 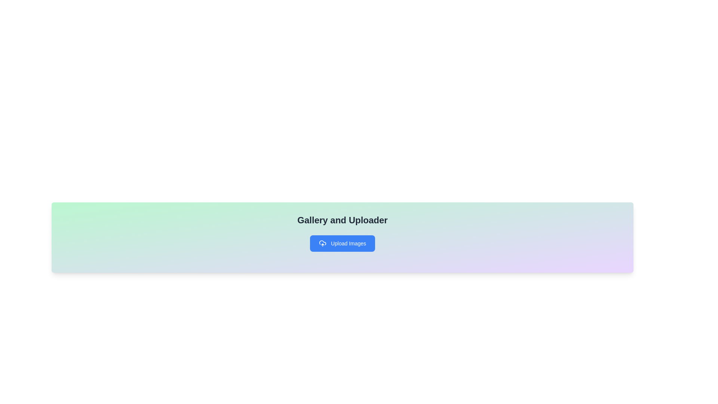 What do you see at coordinates (342, 244) in the screenshot?
I see `the button located below the heading 'Gallery and Uploader'` at bounding box center [342, 244].